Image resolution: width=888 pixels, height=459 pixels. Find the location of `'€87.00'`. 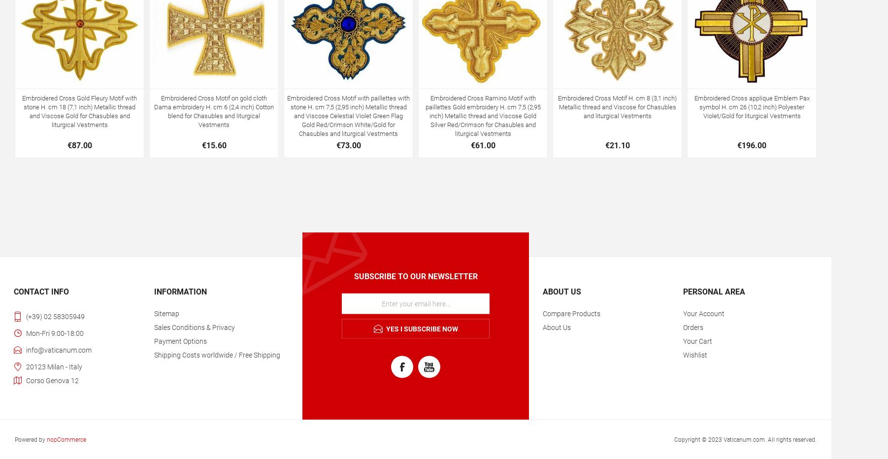

'€87.00' is located at coordinates (79, 145).